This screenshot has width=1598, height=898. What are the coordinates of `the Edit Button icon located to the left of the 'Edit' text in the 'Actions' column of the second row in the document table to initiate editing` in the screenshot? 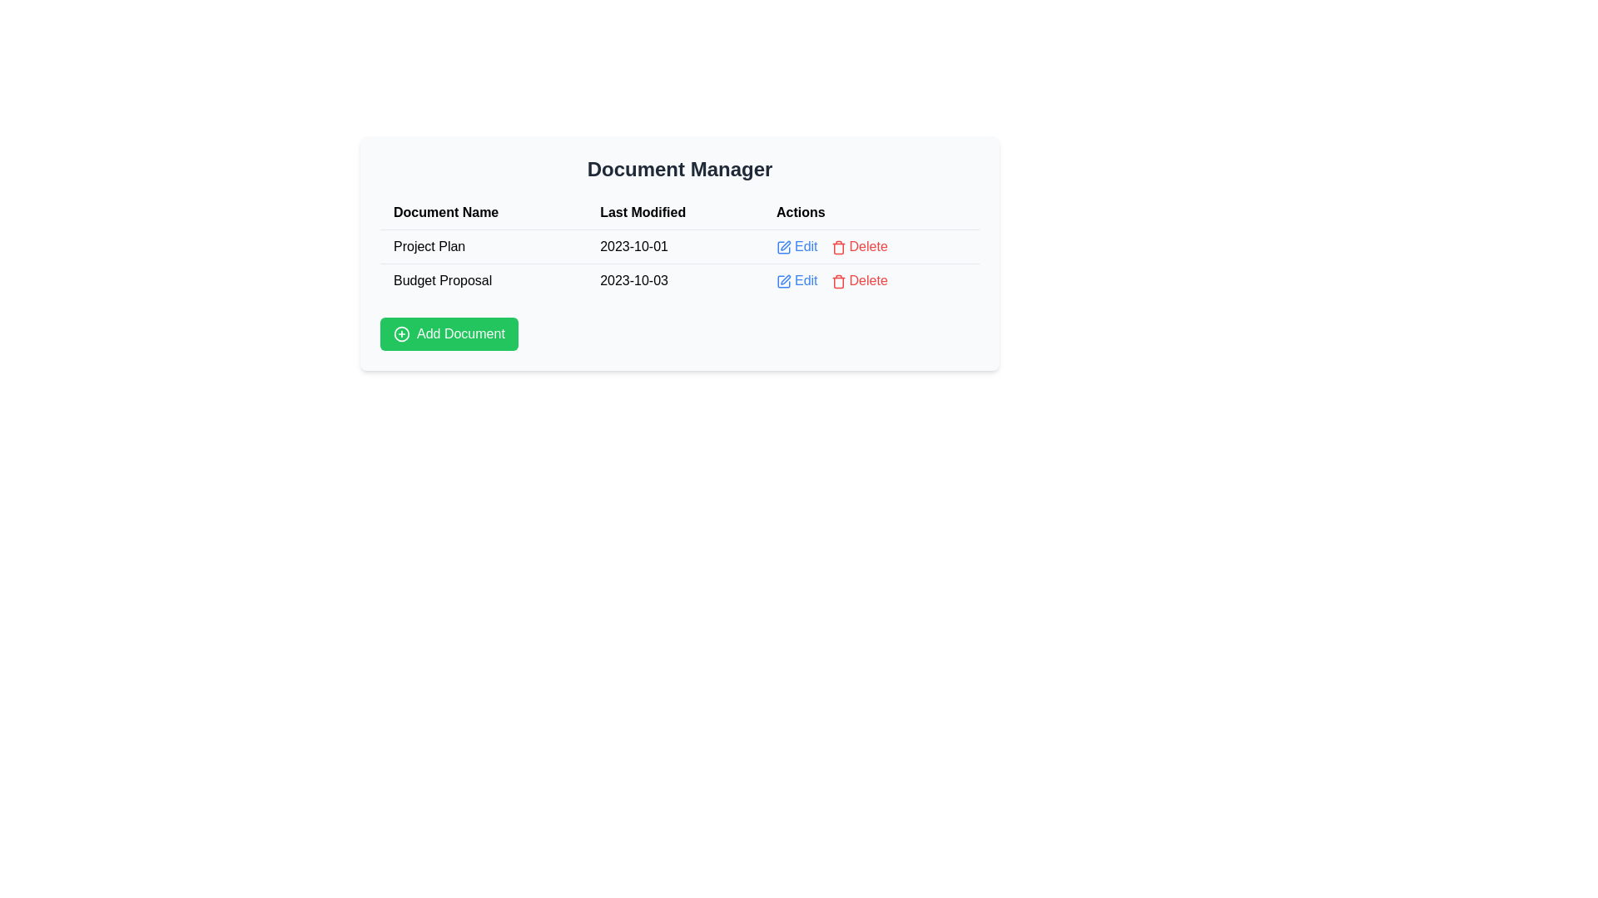 It's located at (782, 280).